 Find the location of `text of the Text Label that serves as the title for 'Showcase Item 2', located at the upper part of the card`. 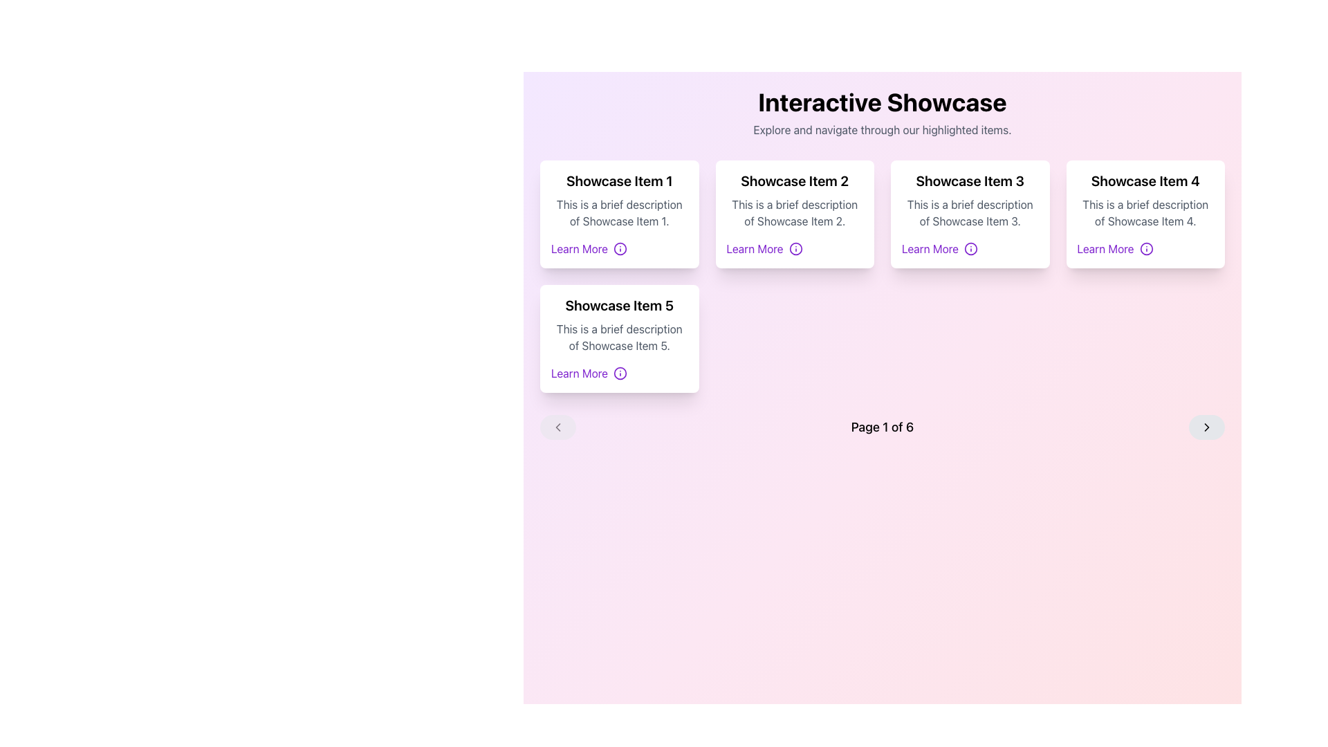

text of the Text Label that serves as the title for 'Showcase Item 2', located at the upper part of the card is located at coordinates (795, 181).